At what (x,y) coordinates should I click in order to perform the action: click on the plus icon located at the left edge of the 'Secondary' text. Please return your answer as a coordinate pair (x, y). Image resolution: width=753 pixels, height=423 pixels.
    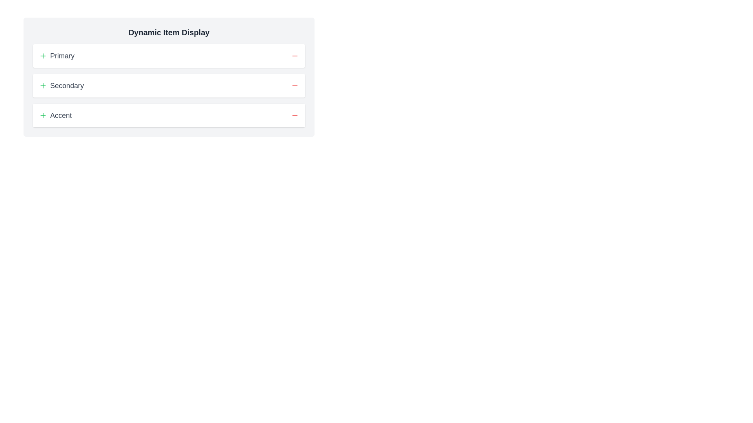
    Looking at the image, I should click on (43, 86).